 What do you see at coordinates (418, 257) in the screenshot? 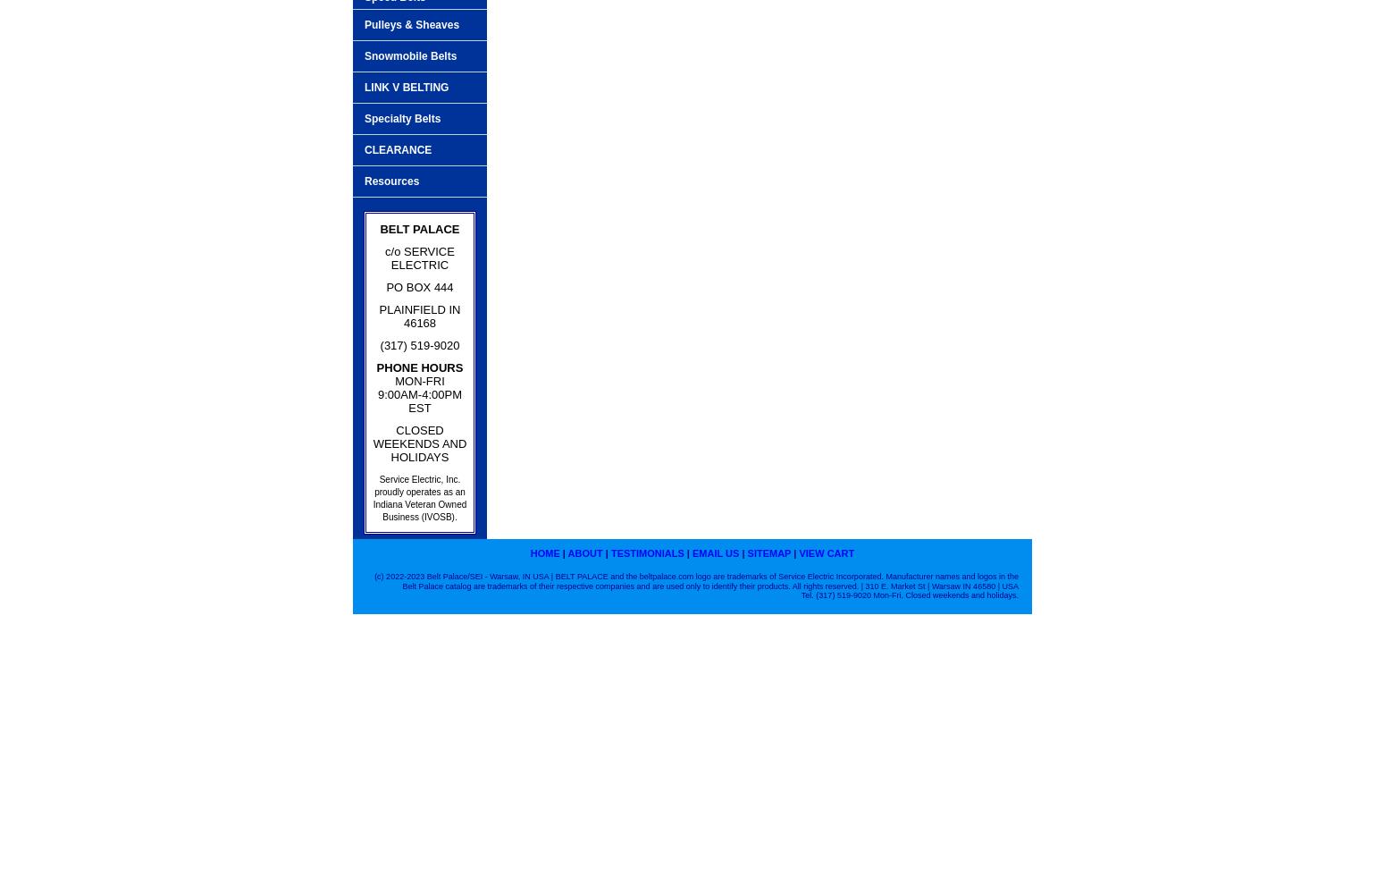
I see `'c/o SERVICE ELECTRIC'` at bounding box center [418, 257].